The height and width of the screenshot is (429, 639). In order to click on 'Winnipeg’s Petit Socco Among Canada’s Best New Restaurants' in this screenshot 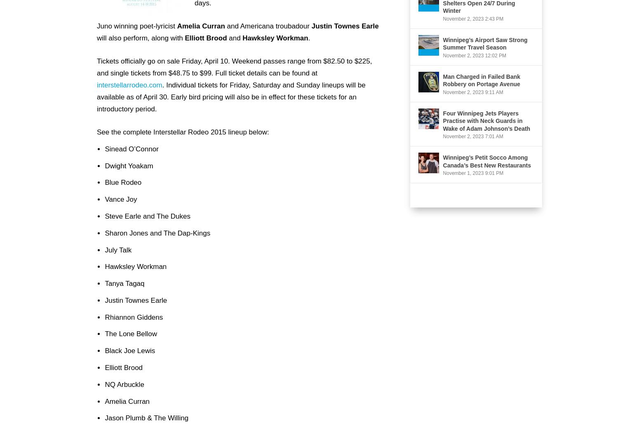, I will do `click(486, 160)`.